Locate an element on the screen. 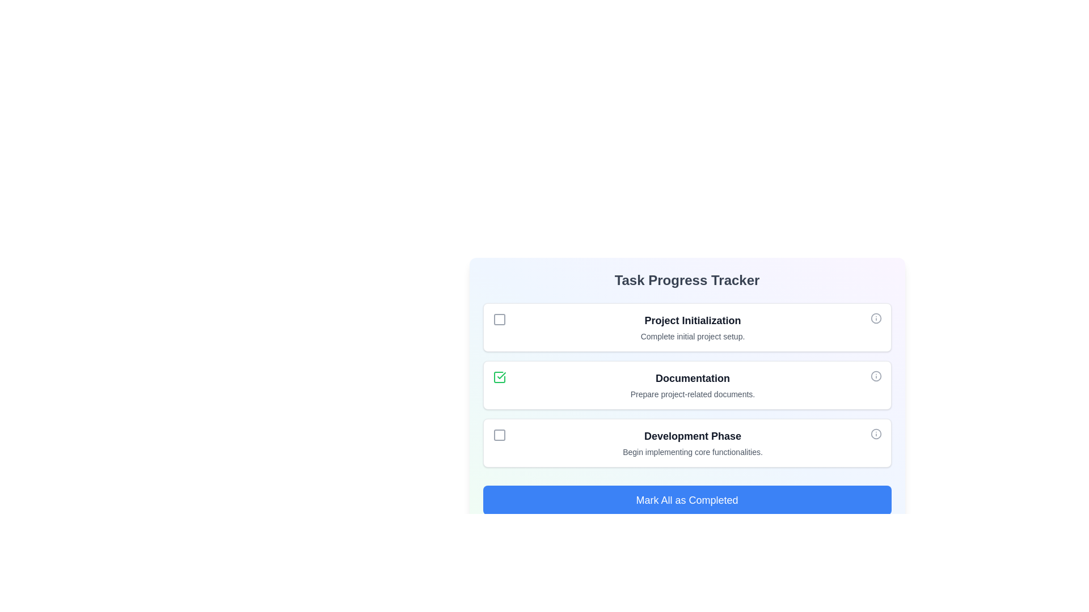 The width and height of the screenshot is (1089, 612). displayed text from the Text display area that shows 'Development Phase' and 'Begin implementing core functionalities.' is located at coordinates (692, 443).